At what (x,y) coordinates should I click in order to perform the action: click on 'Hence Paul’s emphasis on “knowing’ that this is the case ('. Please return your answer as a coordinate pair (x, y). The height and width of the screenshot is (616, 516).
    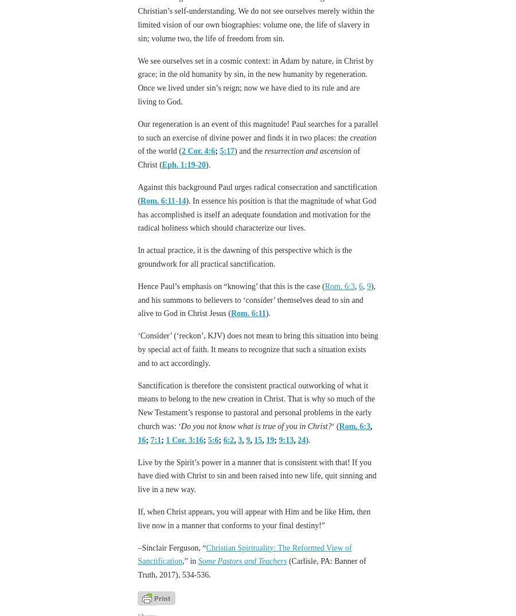
    Looking at the image, I should click on (231, 286).